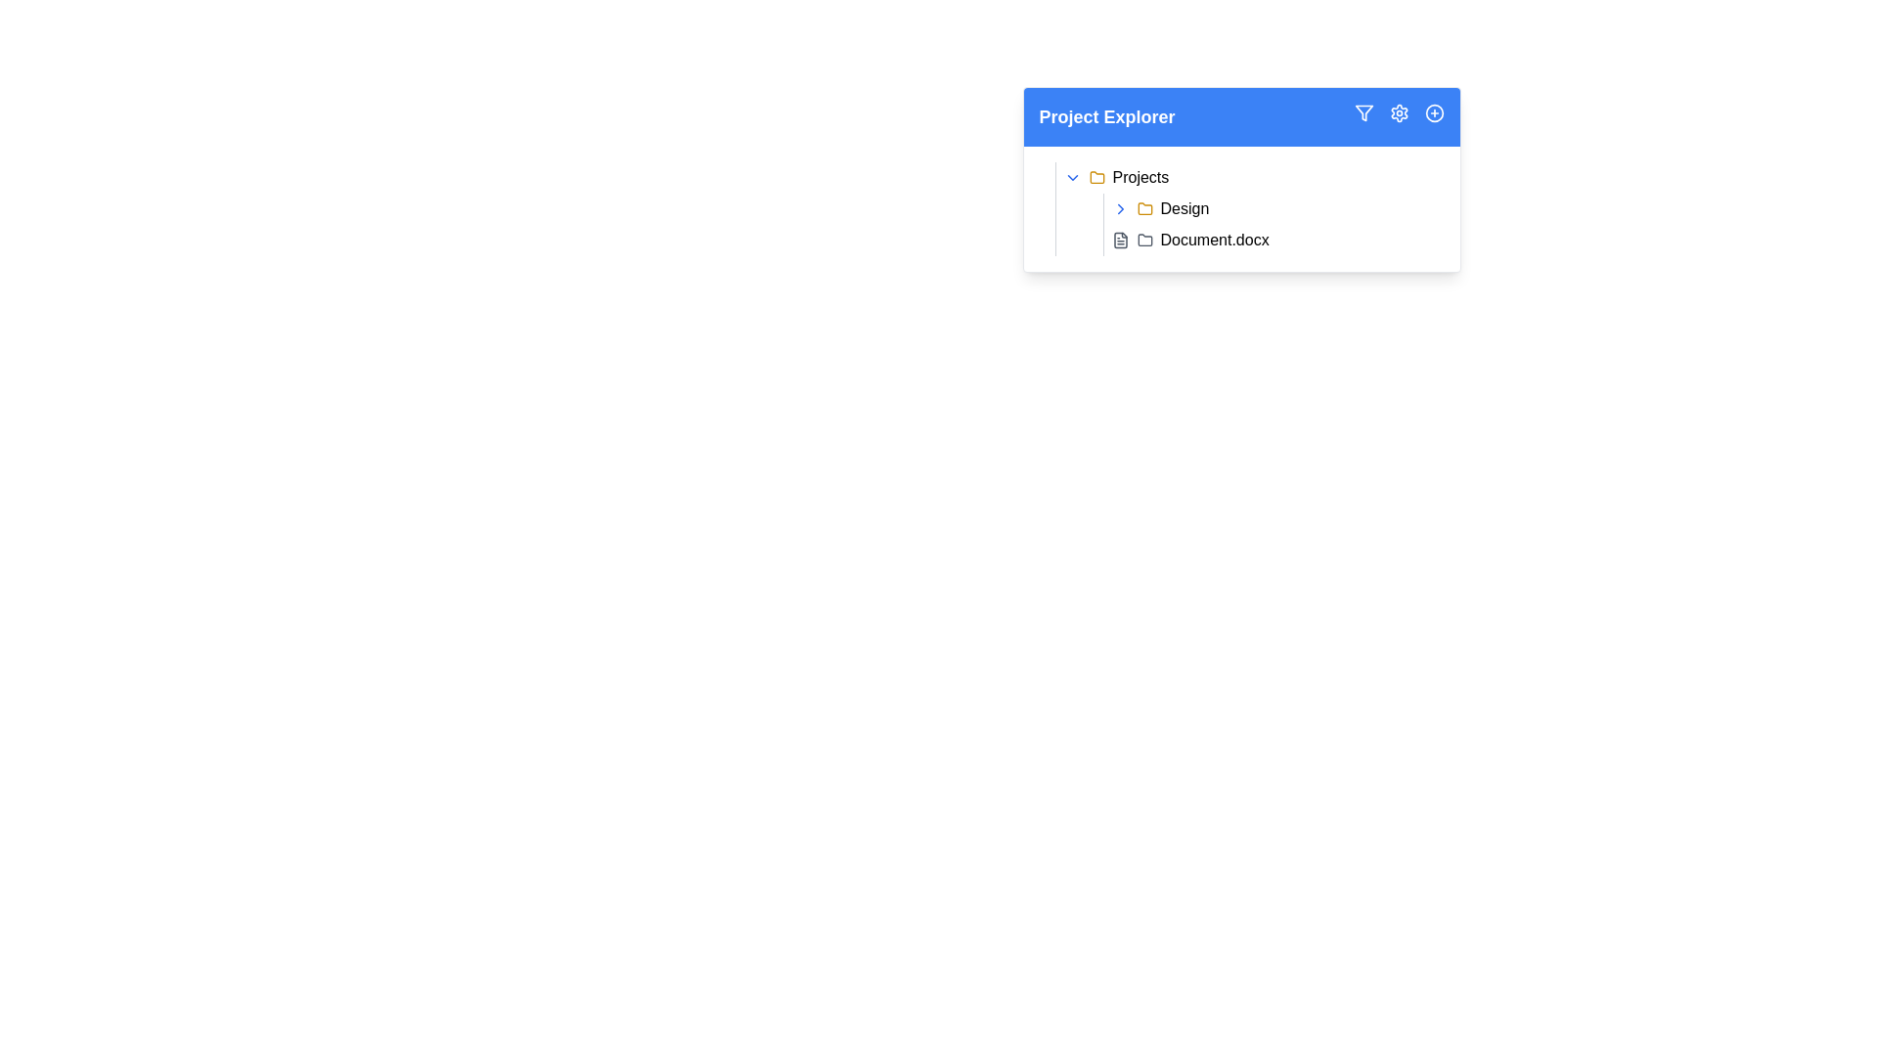 This screenshot has height=1056, width=1878. Describe the element at coordinates (1434, 112) in the screenshot. I see `the circular SVG icon representing the base of a plus sign in the 'Project Explorer' panel, located at the top-right corner next to filter and settings icons` at that location.